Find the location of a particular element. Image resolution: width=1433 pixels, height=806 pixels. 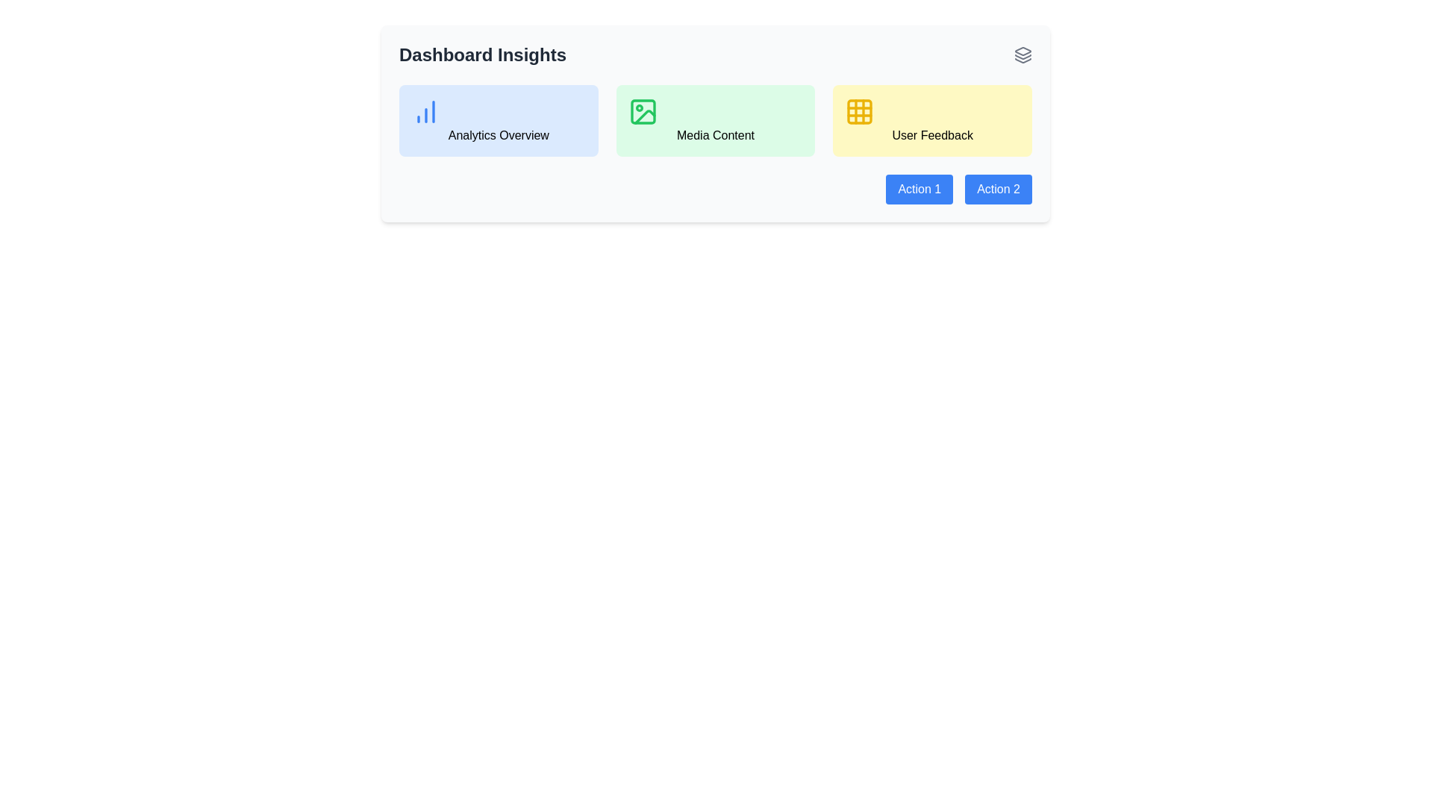

the graphical representation of a layer in the stack, which is the third segment of a composite graphical icon located in the top-right corner of the dashboard is located at coordinates (1023, 60).